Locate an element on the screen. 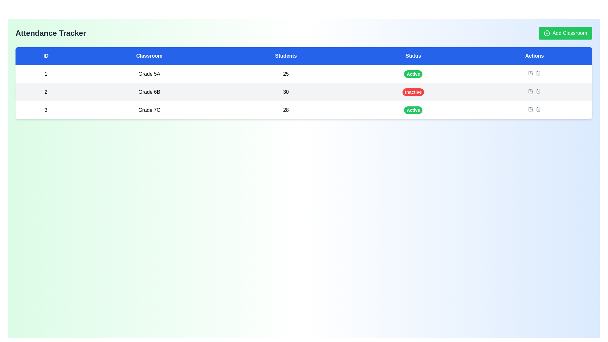 The image size is (608, 342). the delete icon in the 'Actions' column of the table for classroom 'Grade 6B' is located at coordinates (531, 90).